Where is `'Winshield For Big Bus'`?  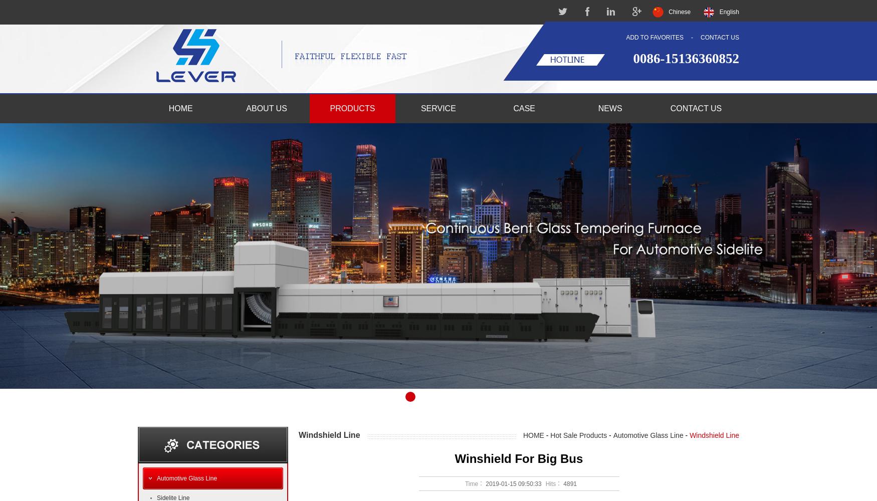
'Winshield For Big Bus' is located at coordinates (518, 458).